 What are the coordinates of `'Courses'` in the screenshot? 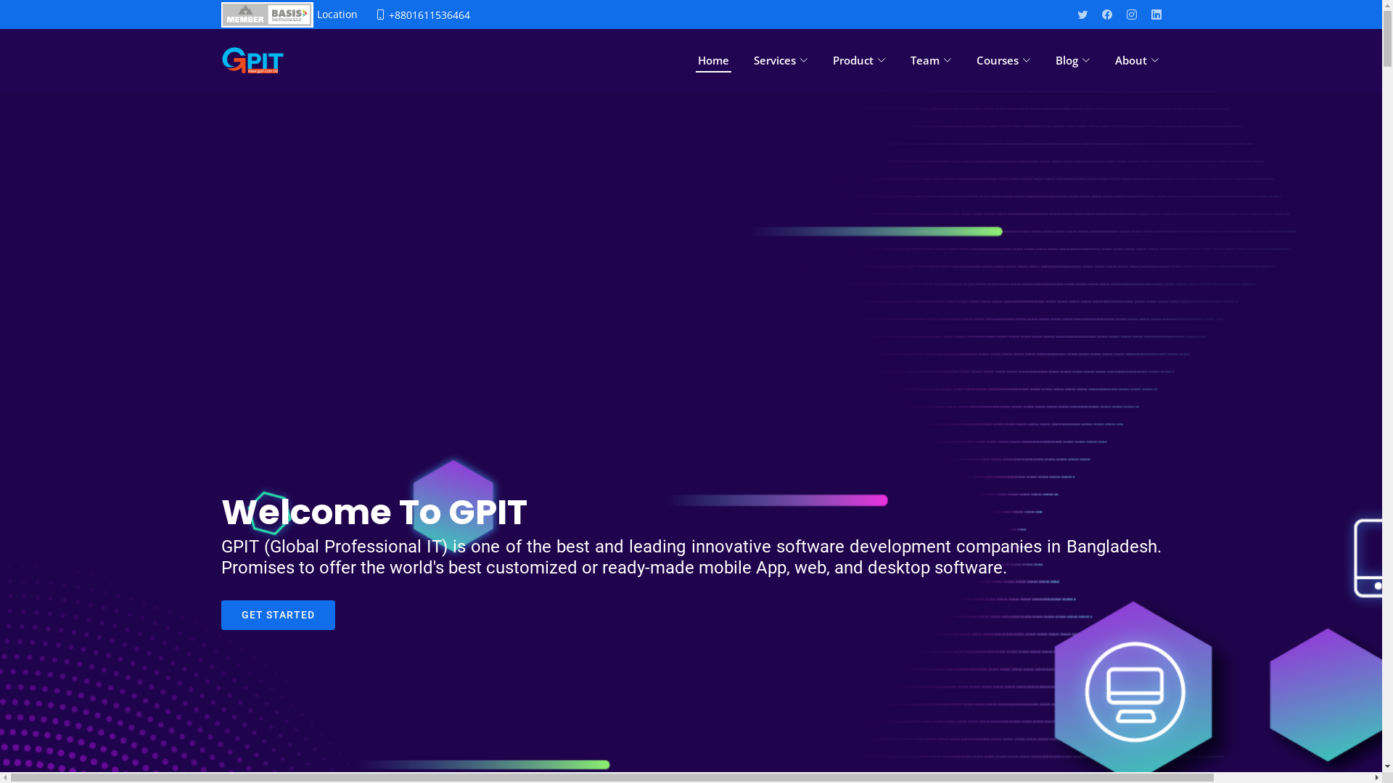 It's located at (1002, 59).